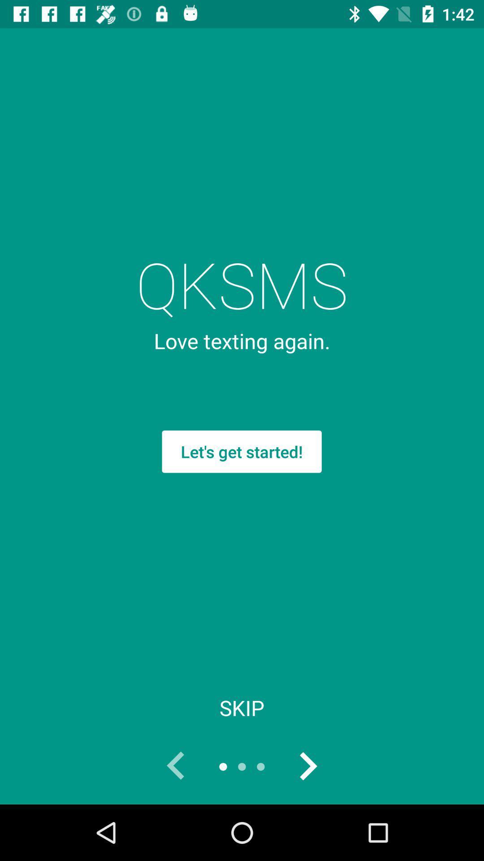 The width and height of the screenshot is (484, 861). I want to click on the arrow_forward icon, so click(307, 766).